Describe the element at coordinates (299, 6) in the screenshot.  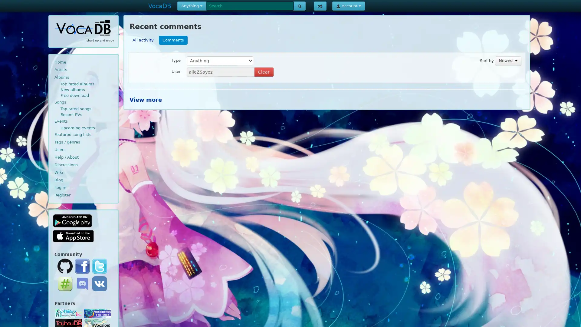
I see `Search` at that location.